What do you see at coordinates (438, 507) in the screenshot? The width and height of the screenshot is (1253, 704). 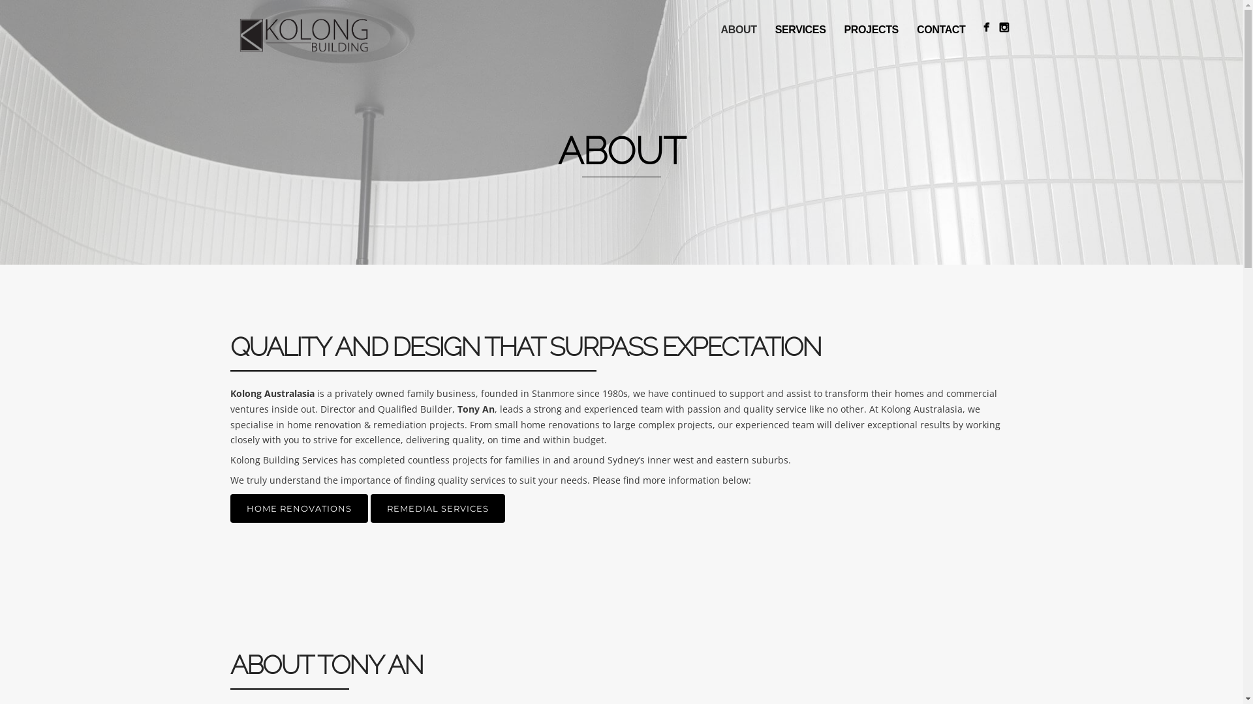 I see `'REMEDIAL SERVICES'` at bounding box center [438, 507].